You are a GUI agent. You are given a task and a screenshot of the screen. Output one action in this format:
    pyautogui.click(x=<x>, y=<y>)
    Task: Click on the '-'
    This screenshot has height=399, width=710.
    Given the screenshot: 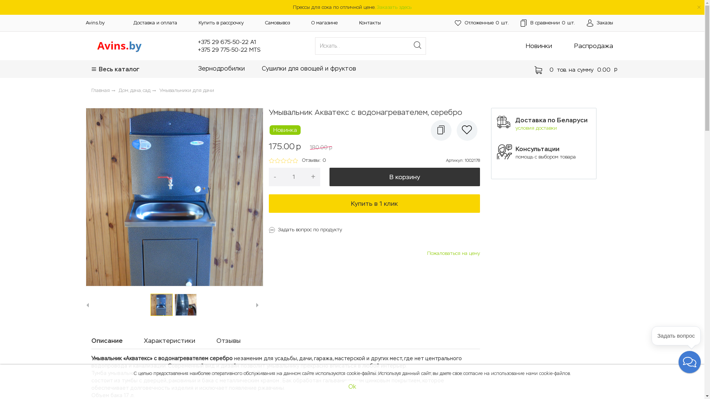 What is the action you would take?
    pyautogui.click(x=268, y=177)
    